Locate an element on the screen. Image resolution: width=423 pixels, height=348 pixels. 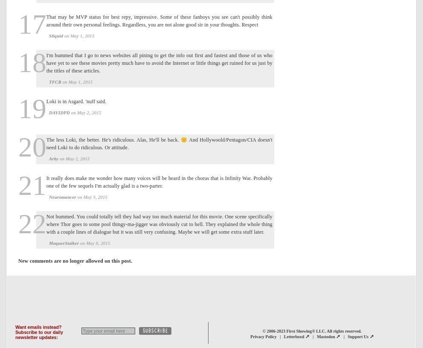
'on May 6, 2015' is located at coordinates (78, 243).